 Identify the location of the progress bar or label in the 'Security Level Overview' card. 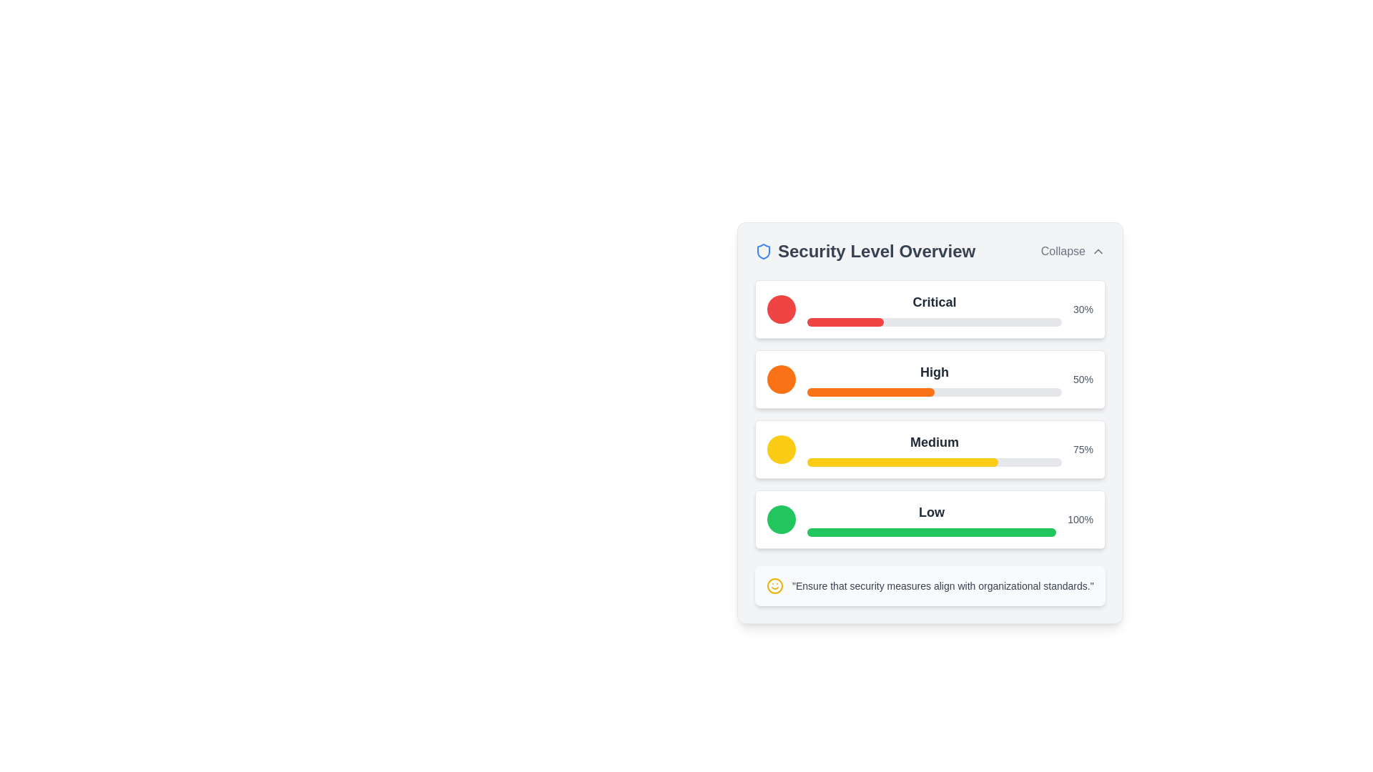
(930, 414).